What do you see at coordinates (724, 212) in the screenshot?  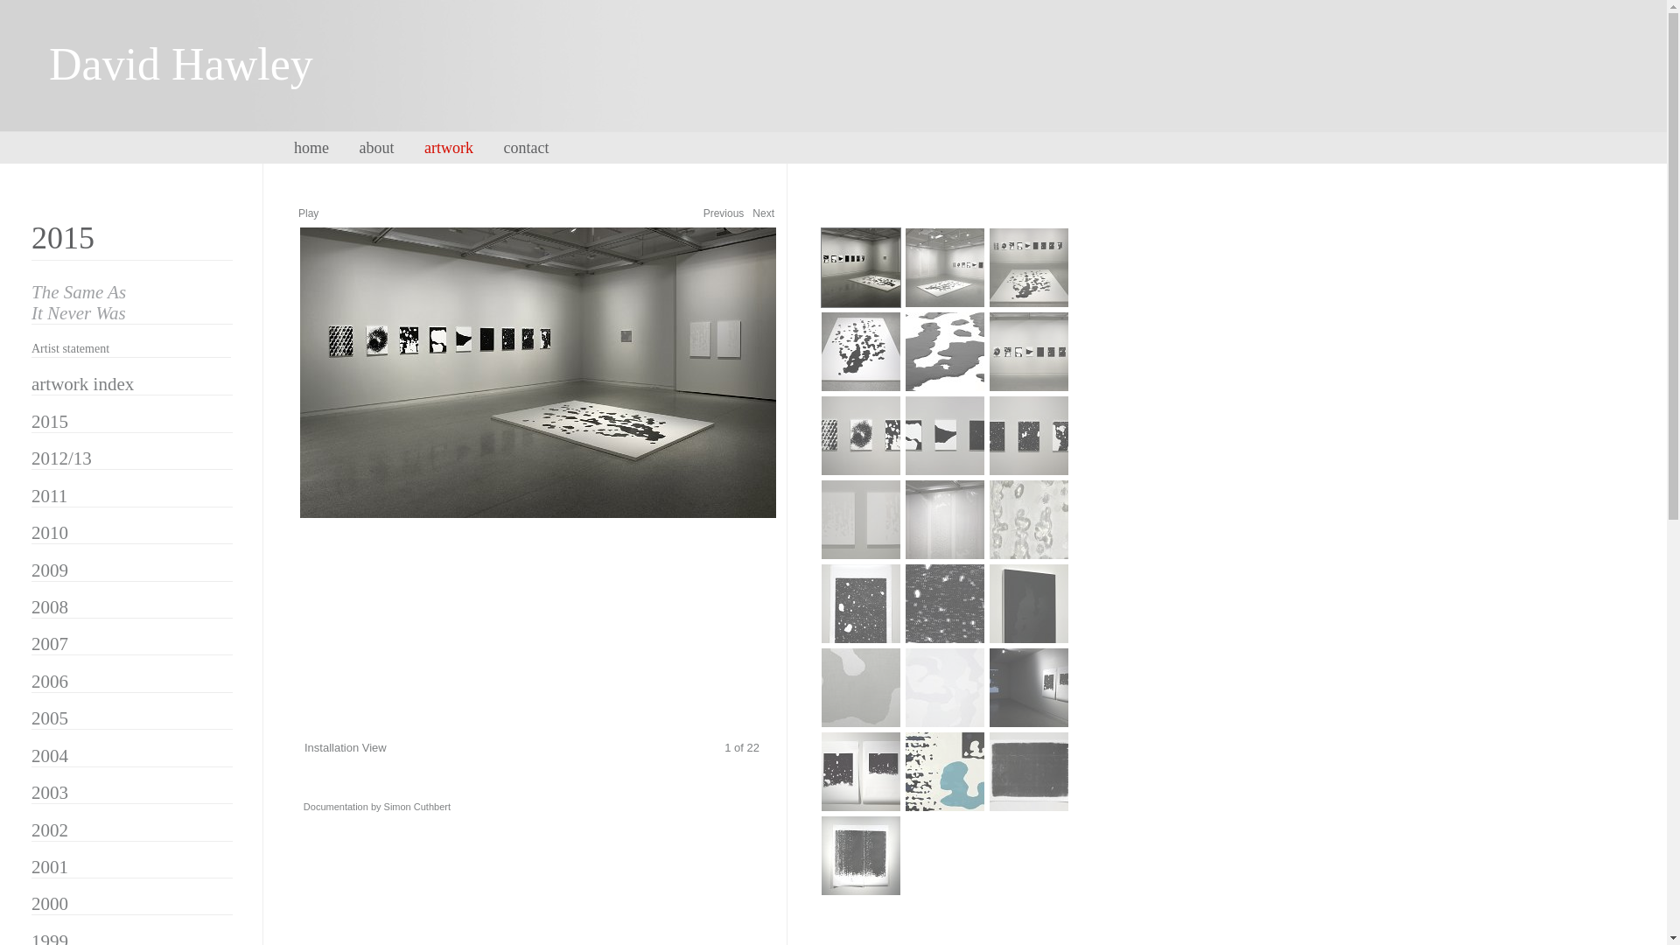 I see `'Previous'` at bounding box center [724, 212].